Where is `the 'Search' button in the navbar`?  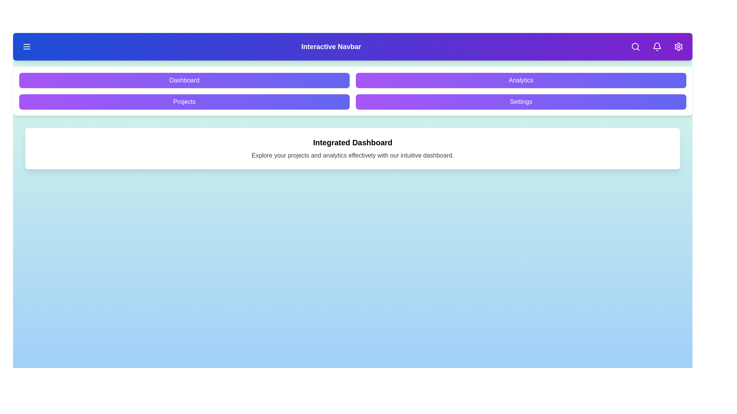
the 'Search' button in the navbar is located at coordinates (636, 47).